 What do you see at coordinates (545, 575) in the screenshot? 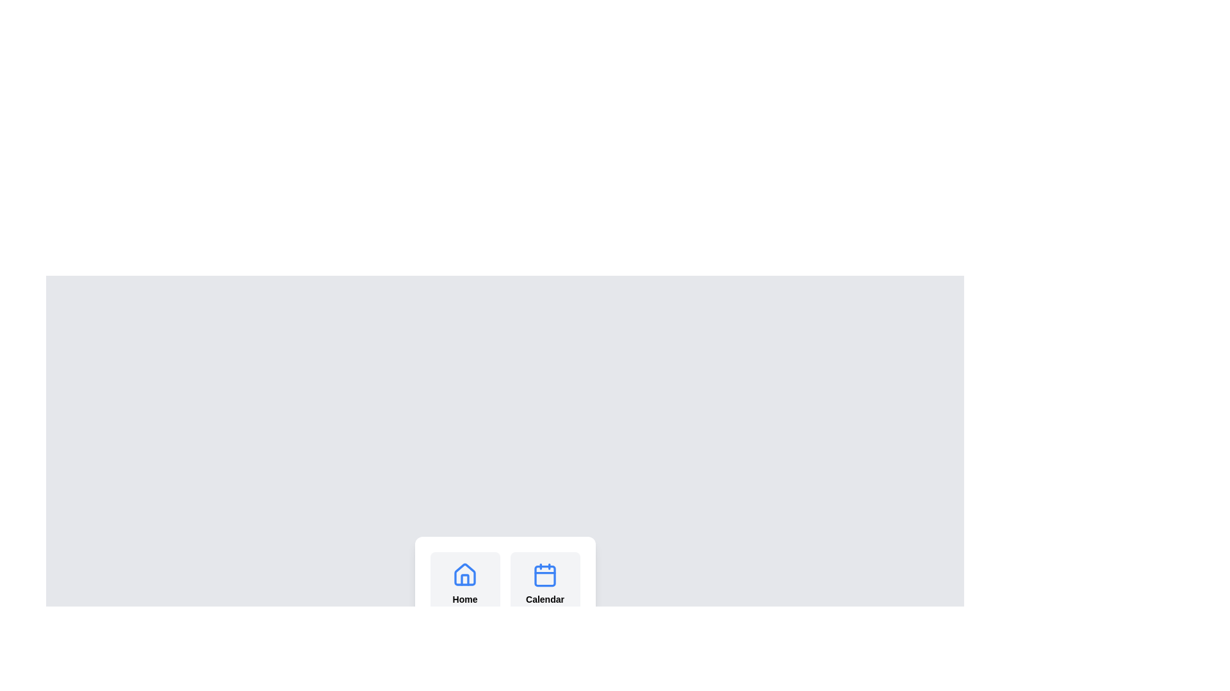
I see `the pale blue rectangle with rounded corners located inside the calendar icon on the right side of the navigation bar` at bounding box center [545, 575].